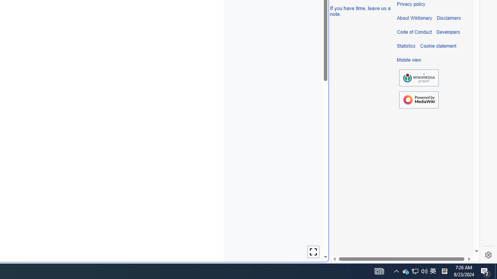 The image size is (497, 279). What do you see at coordinates (406, 46) in the screenshot?
I see `'Statistics'` at bounding box center [406, 46].